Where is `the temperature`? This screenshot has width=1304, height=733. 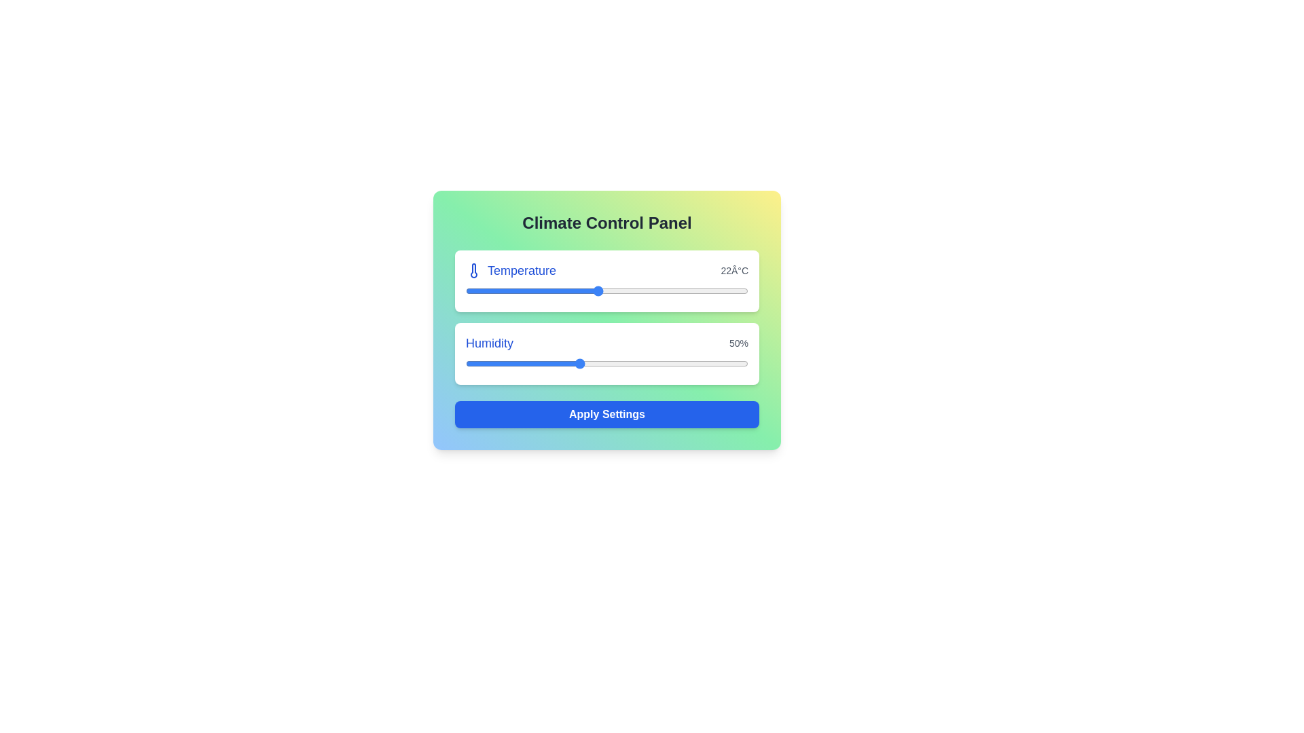
the temperature is located at coordinates (503, 290).